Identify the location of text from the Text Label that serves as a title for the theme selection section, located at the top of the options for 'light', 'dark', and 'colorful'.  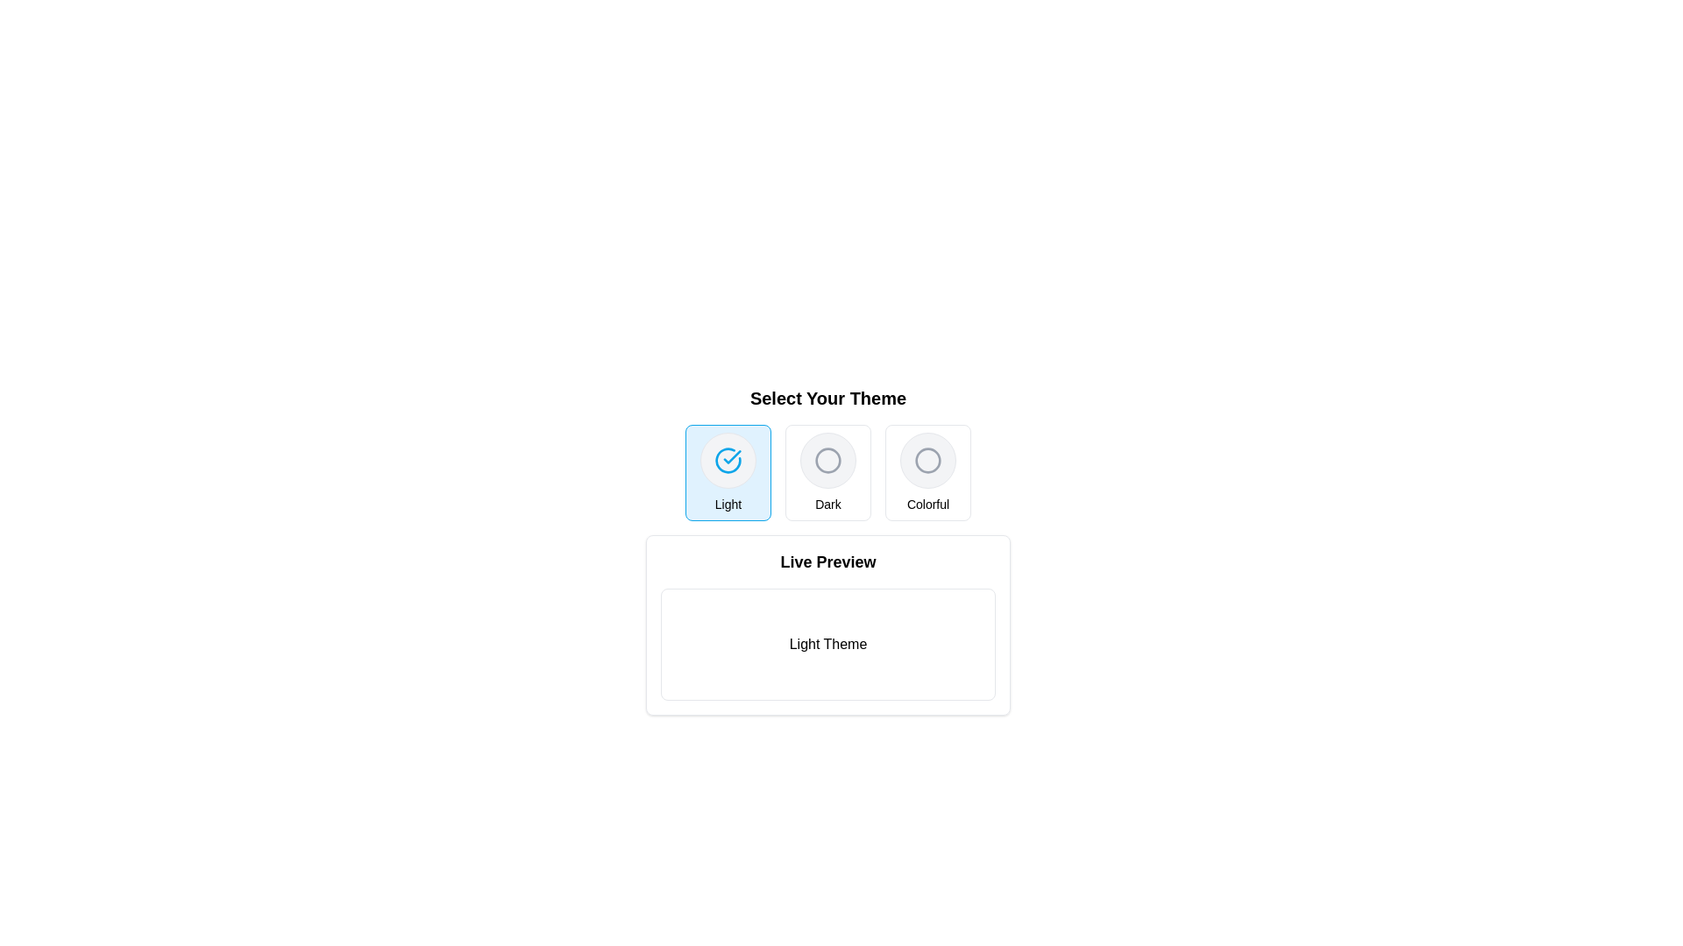
(827, 399).